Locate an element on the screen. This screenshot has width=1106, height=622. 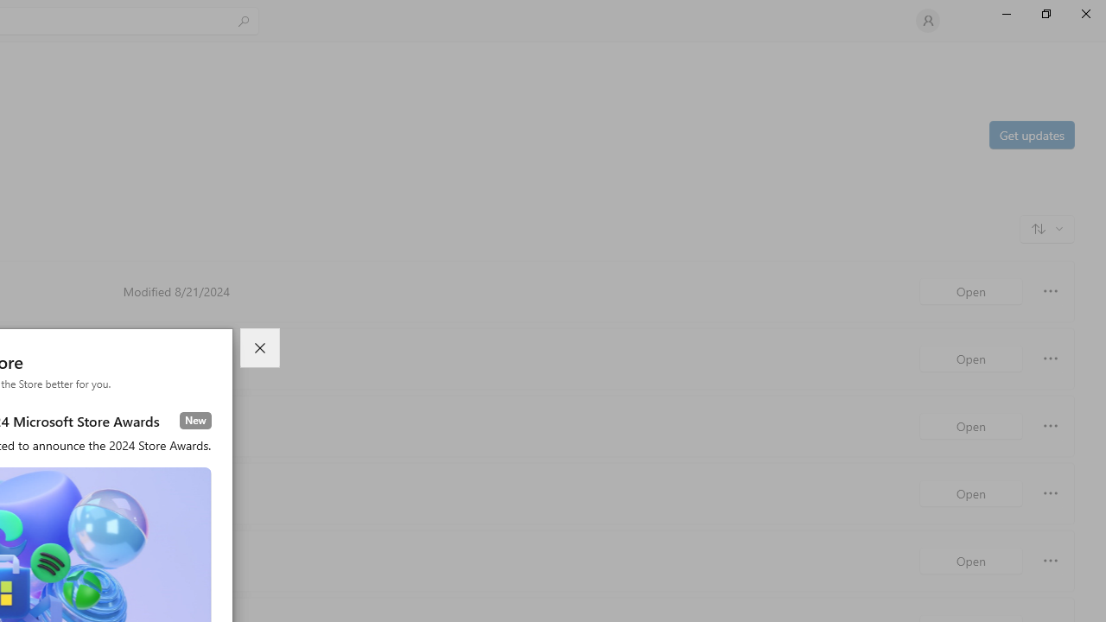
'Minimize Microsoft Store' is located at coordinates (1006, 13).